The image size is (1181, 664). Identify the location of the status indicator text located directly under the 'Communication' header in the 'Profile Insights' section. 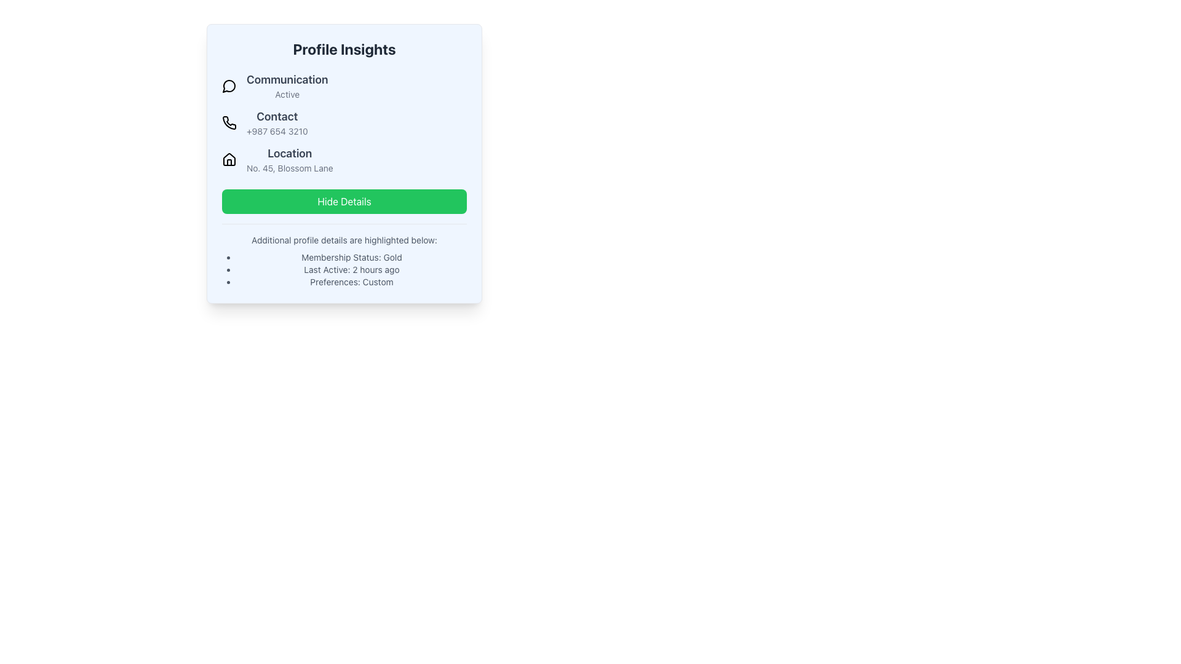
(287, 94).